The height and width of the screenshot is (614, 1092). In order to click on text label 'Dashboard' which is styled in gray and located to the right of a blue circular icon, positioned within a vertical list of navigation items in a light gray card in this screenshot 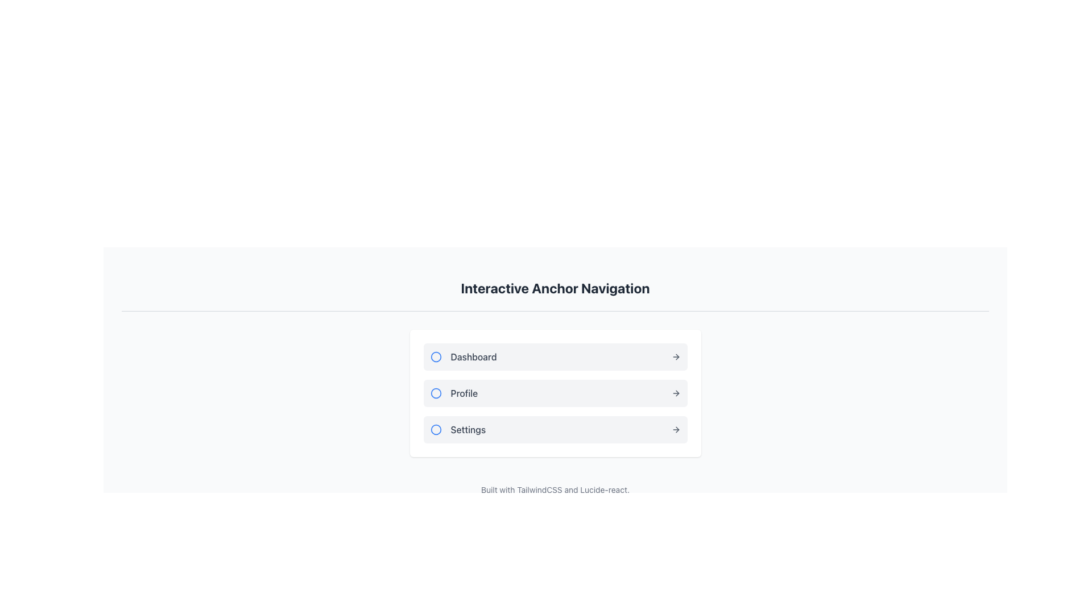, I will do `click(464, 356)`.